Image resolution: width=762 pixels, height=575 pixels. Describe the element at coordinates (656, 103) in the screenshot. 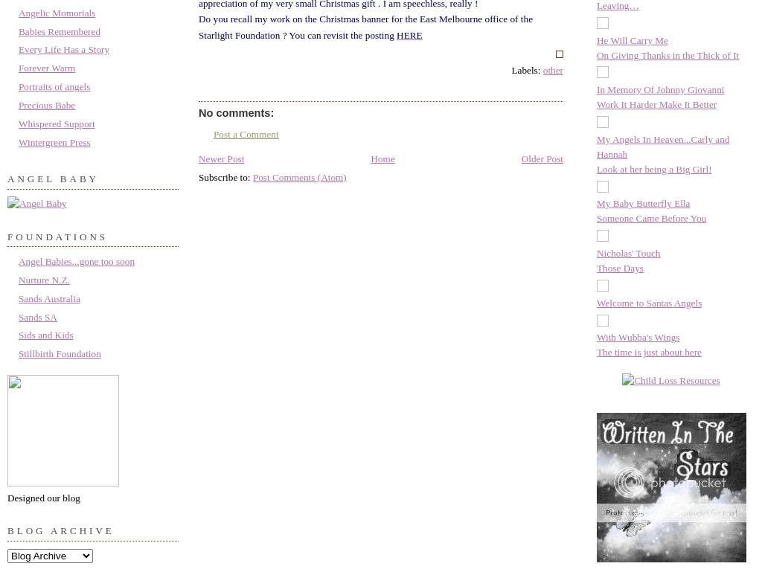

I see `'Work It Harder Make It Better'` at that location.